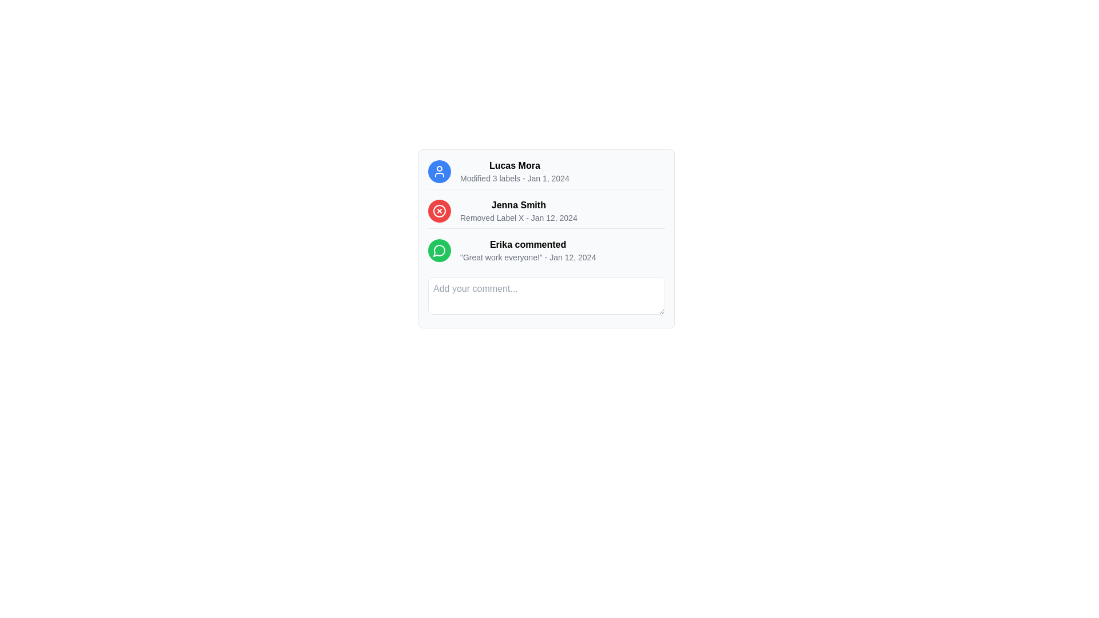  What do you see at coordinates (518, 211) in the screenshot?
I see `the user activity log entry for 'Jenna Smith', which displays the action 'Removed Label X' and a timestamp 'Jan 12, 2024'` at bounding box center [518, 211].